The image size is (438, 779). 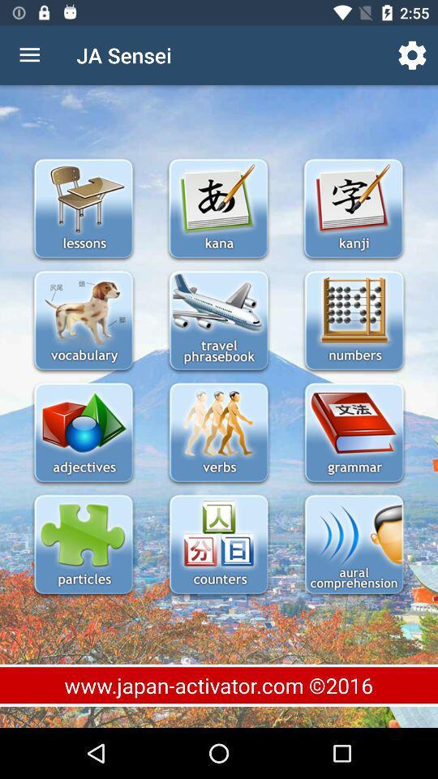 What do you see at coordinates (84, 546) in the screenshot?
I see `open particles` at bounding box center [84, 546].